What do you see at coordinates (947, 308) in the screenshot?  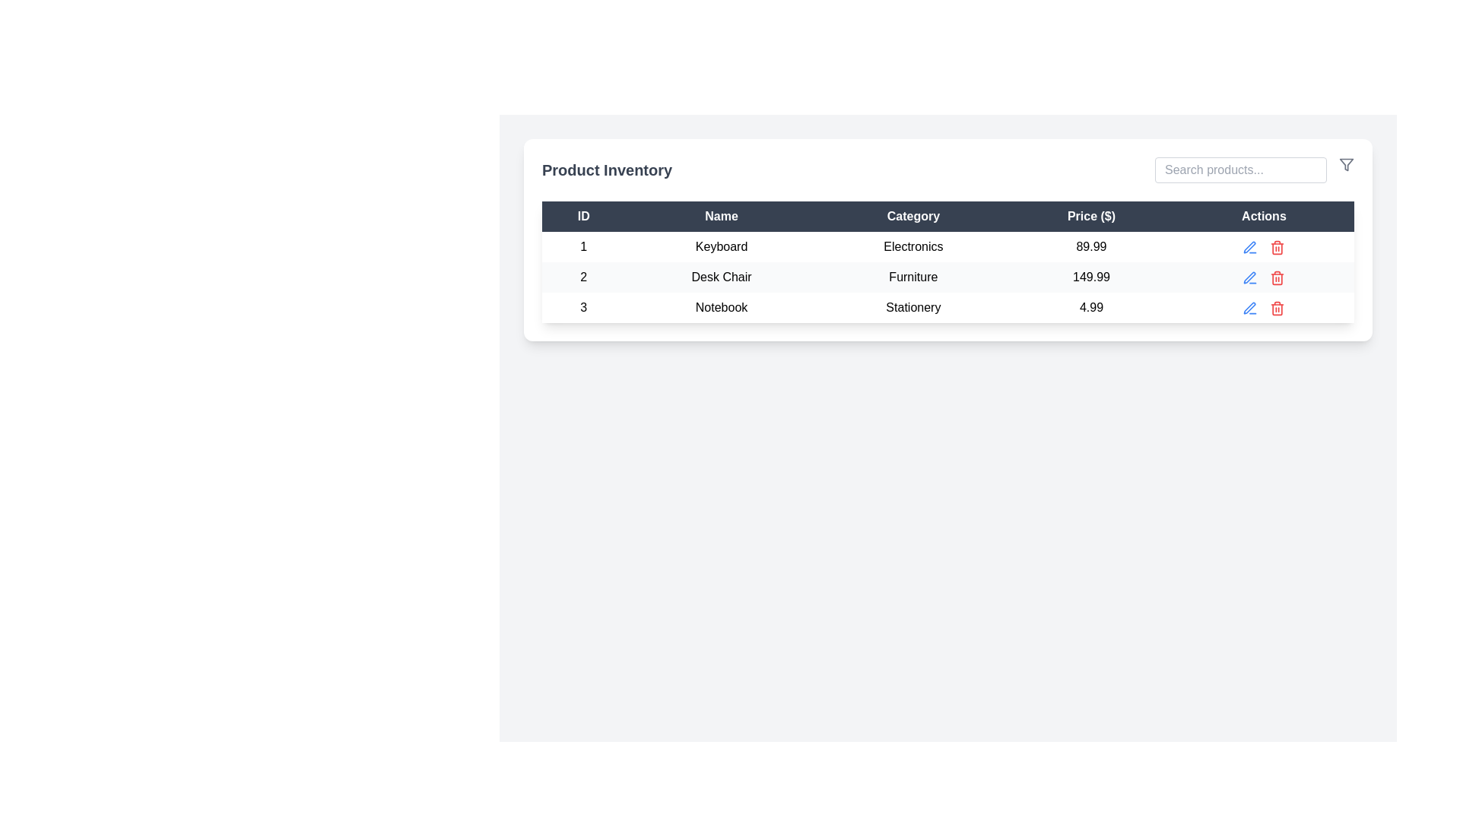 I see `the third row in the 'Product Inventory' table which displays ID '3', name 'Notebook', category 'Stationery', and price '4.99'` at bounding box center [947, 308].